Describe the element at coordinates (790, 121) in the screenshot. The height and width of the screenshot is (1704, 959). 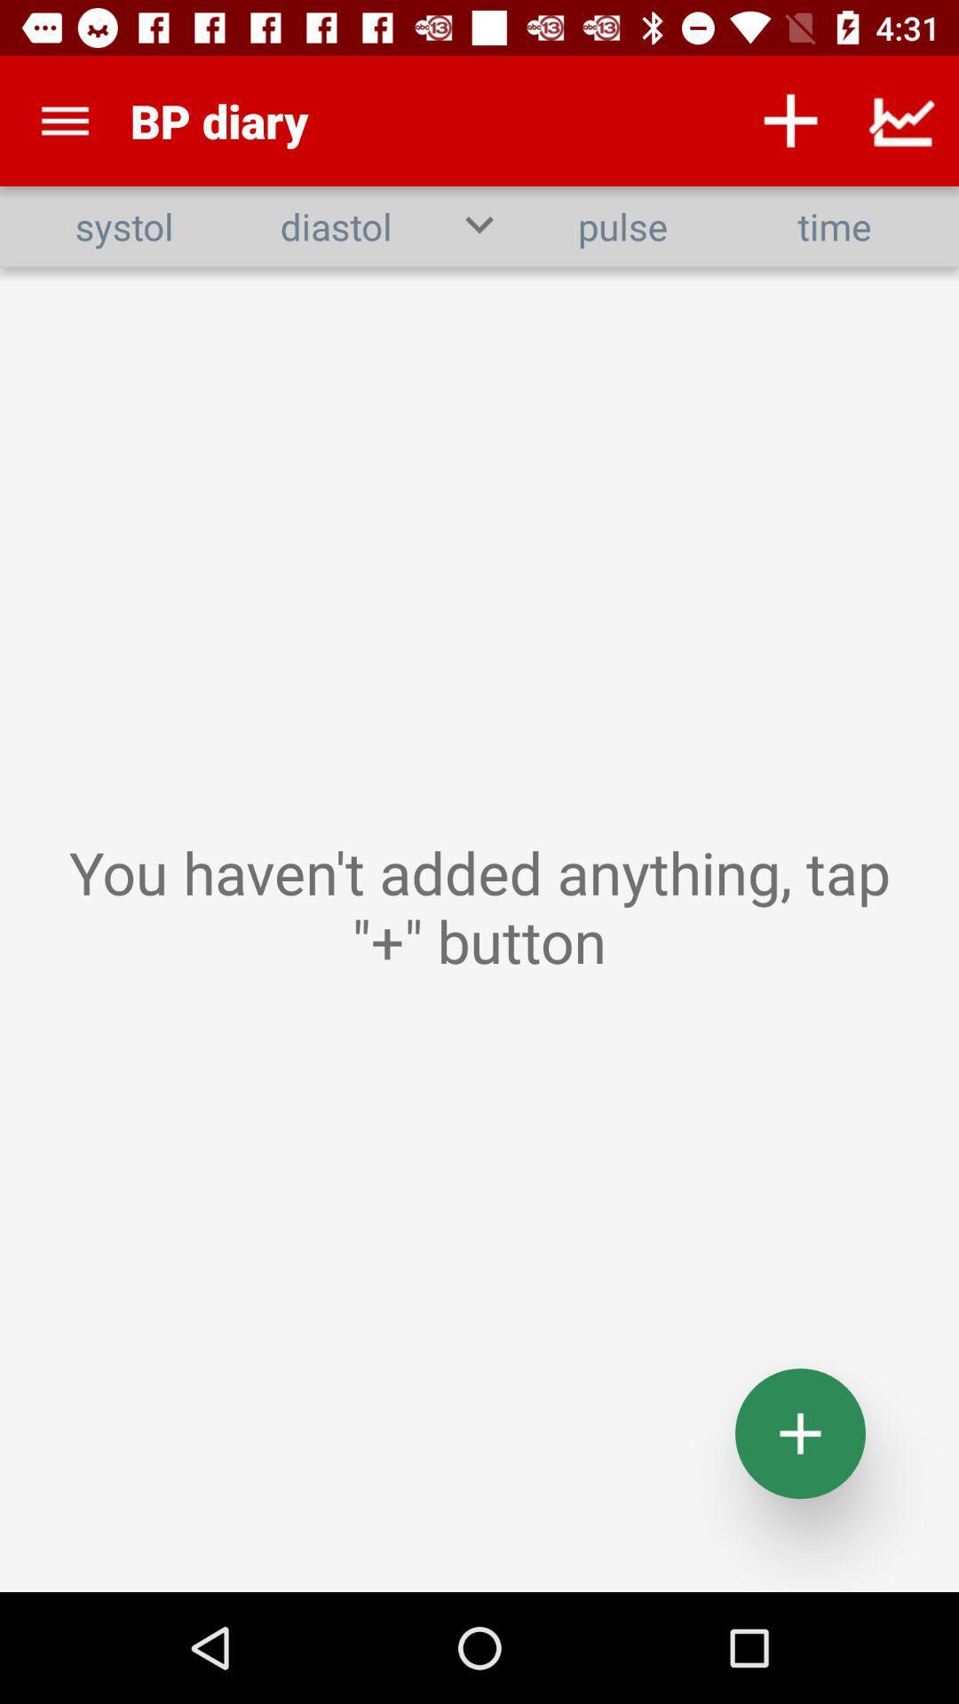
I see `the first icon which is right to the text bp diary` at that location.